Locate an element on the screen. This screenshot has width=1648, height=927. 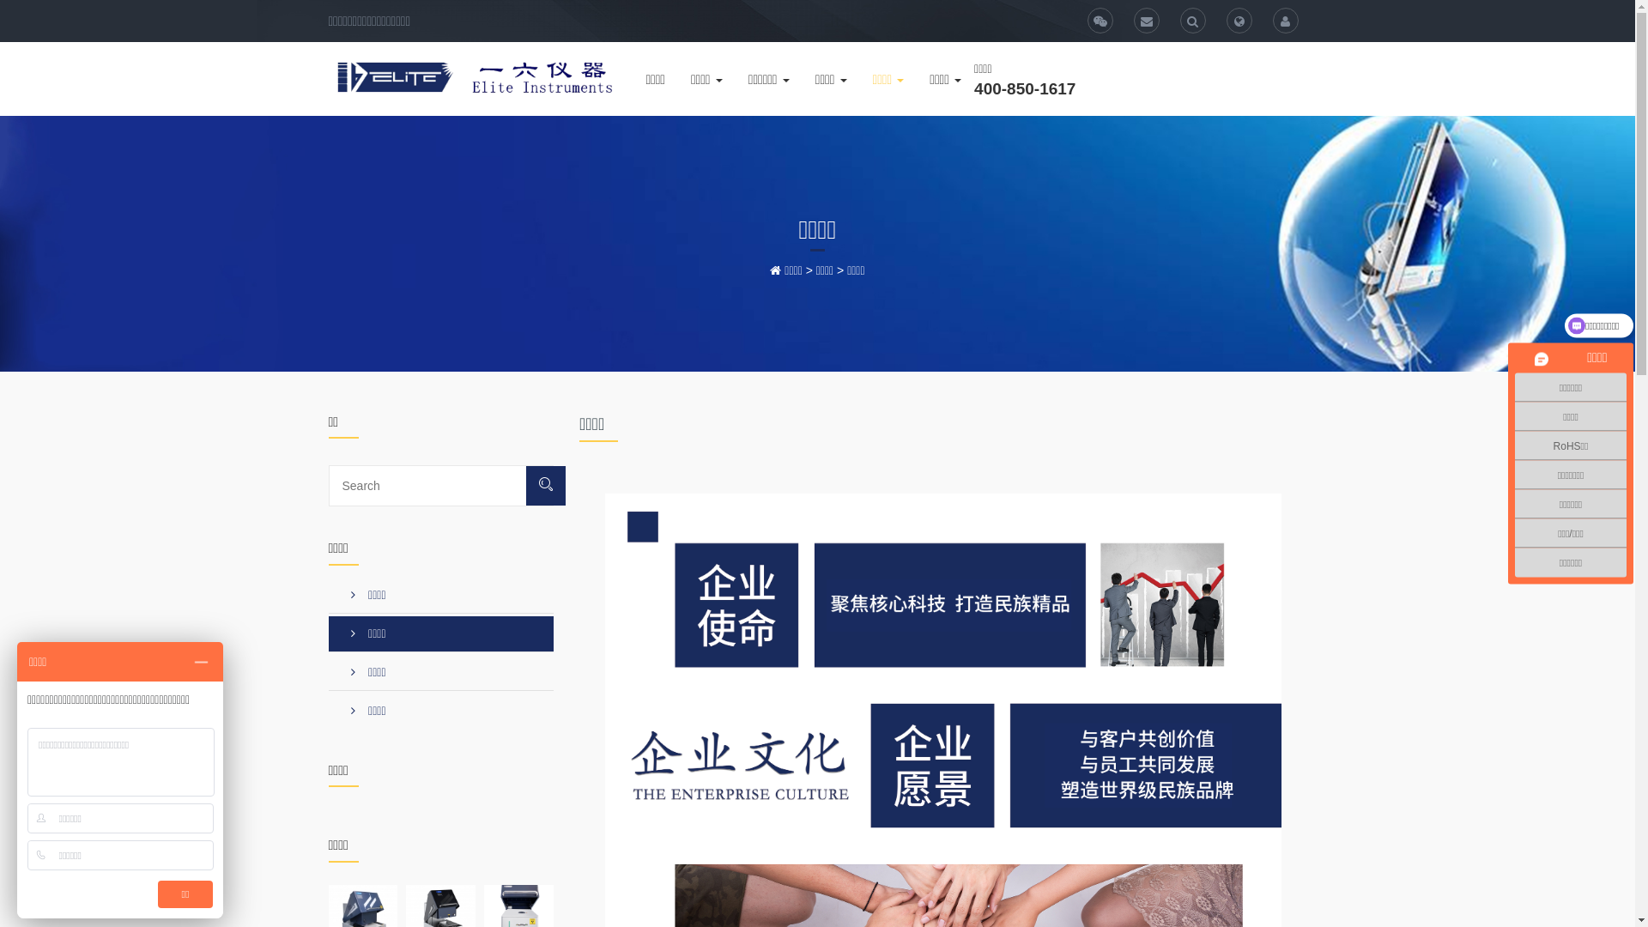
'Toggle Search' is located at coordinates (1178, 20).